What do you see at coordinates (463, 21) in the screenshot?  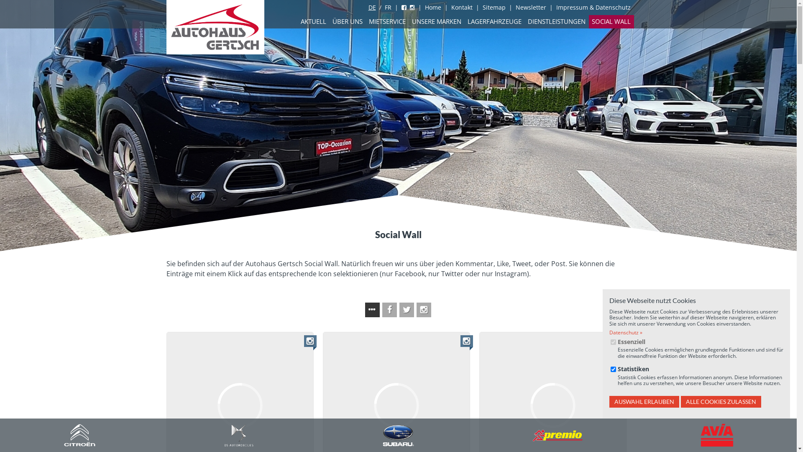 I see `'LAGERFAHRZEUGE'` at bounding box center [463, 21].